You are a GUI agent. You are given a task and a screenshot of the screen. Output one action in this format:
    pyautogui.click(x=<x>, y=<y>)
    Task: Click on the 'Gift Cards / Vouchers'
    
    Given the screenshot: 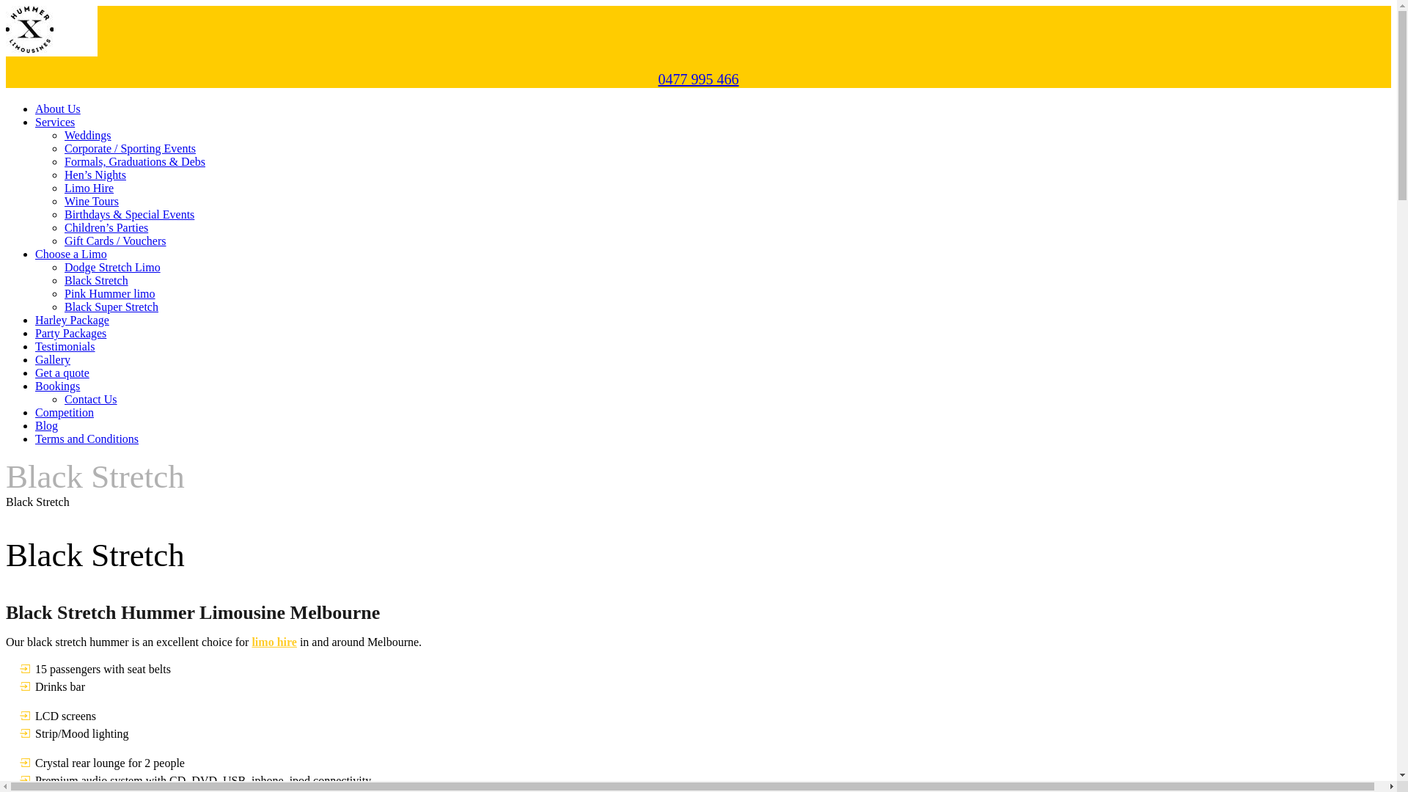 What is the action you would take?
    pyautogui.click(x=114, y=240)
    